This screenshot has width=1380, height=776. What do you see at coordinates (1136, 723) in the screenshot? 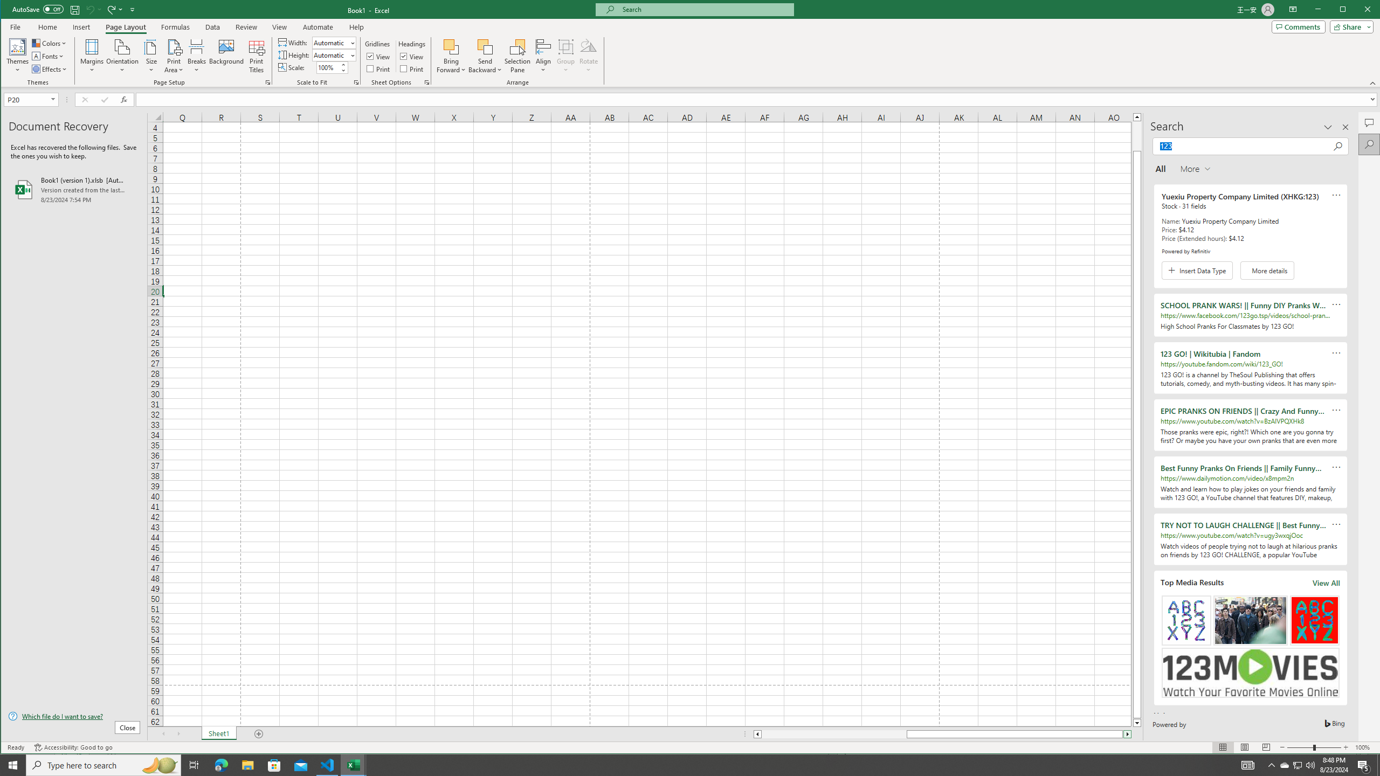
I see `'Line down'` at bounding box center [1136, 723].